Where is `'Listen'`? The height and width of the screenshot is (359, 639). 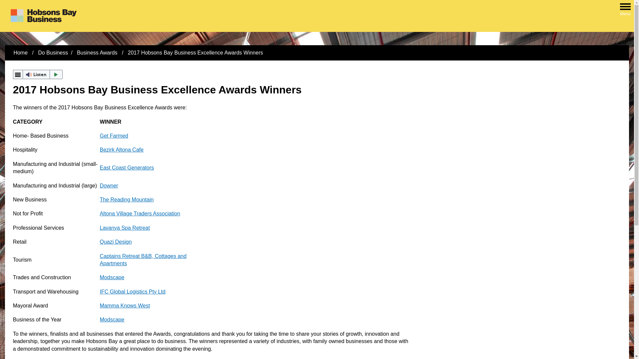 'Listen' is located at coordinates (38, 74).